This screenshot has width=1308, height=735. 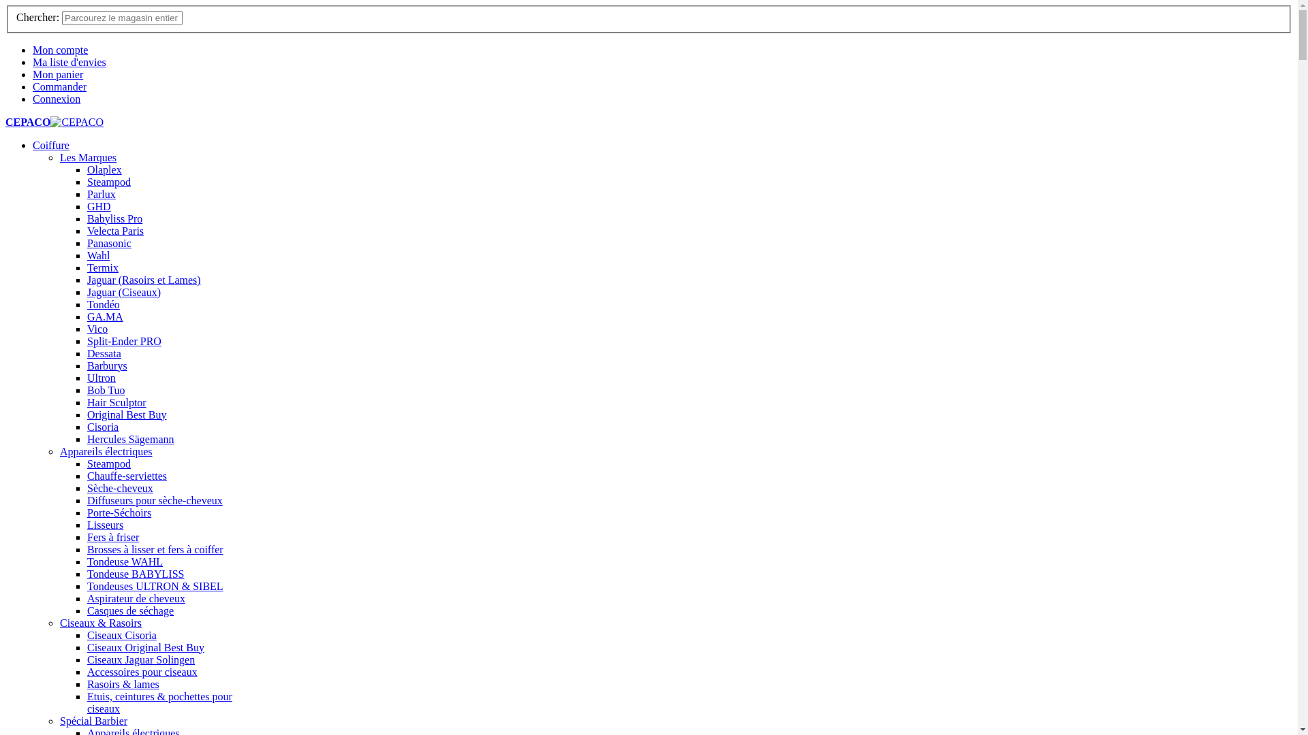 I want to click on 'Tondeuse BABYLISS', so click(x=87, y=574).